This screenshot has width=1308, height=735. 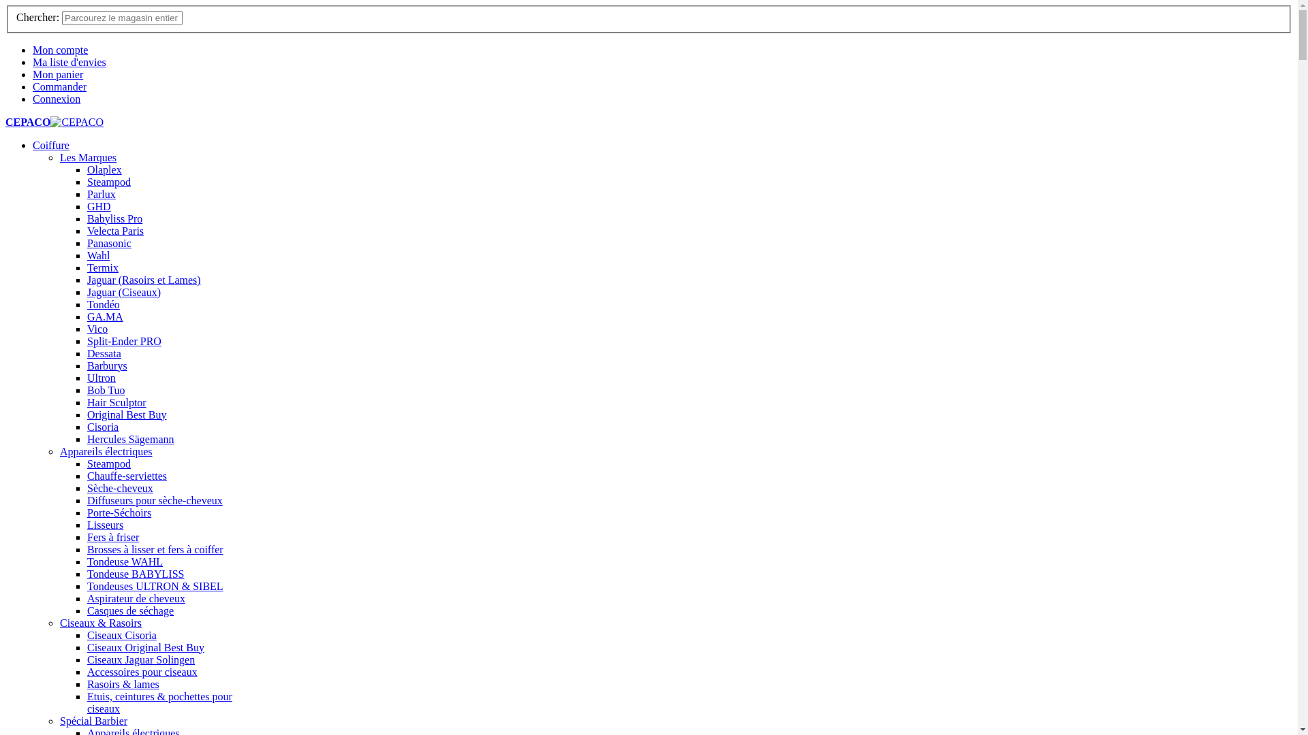 I want to click on 'Tondeuse BABYLISS', so click(x=87, y=574).